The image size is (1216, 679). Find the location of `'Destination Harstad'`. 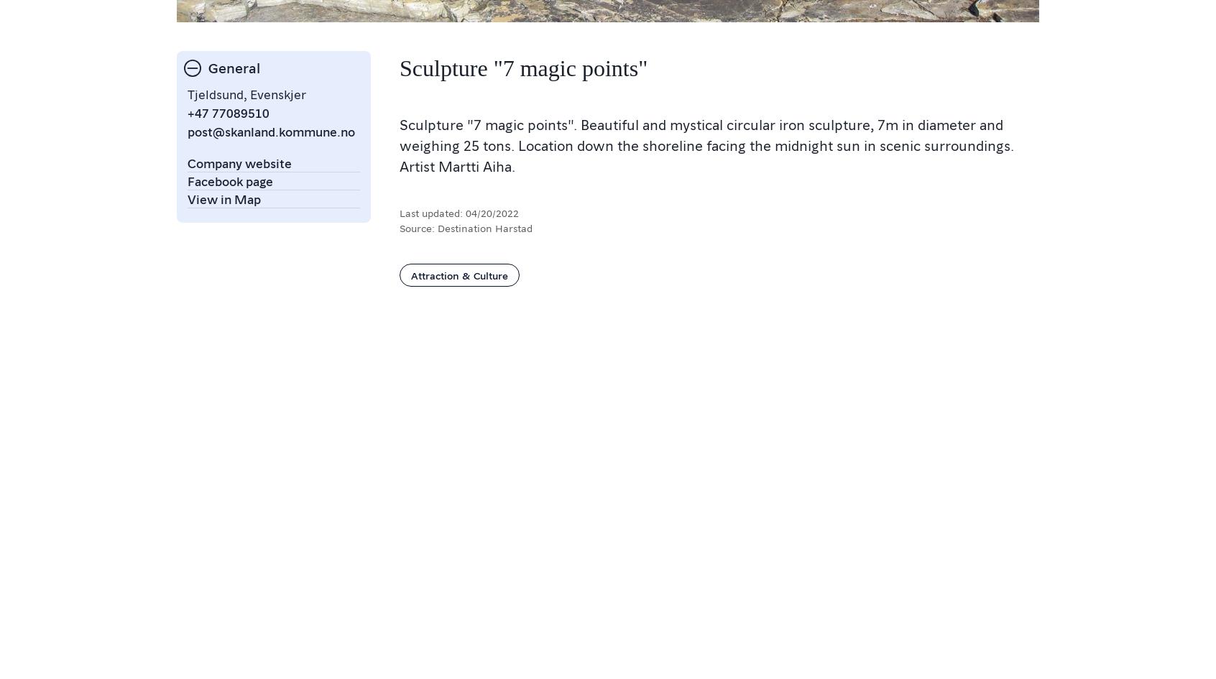

'Destination Harstad' is located at coordinates (484, 227).